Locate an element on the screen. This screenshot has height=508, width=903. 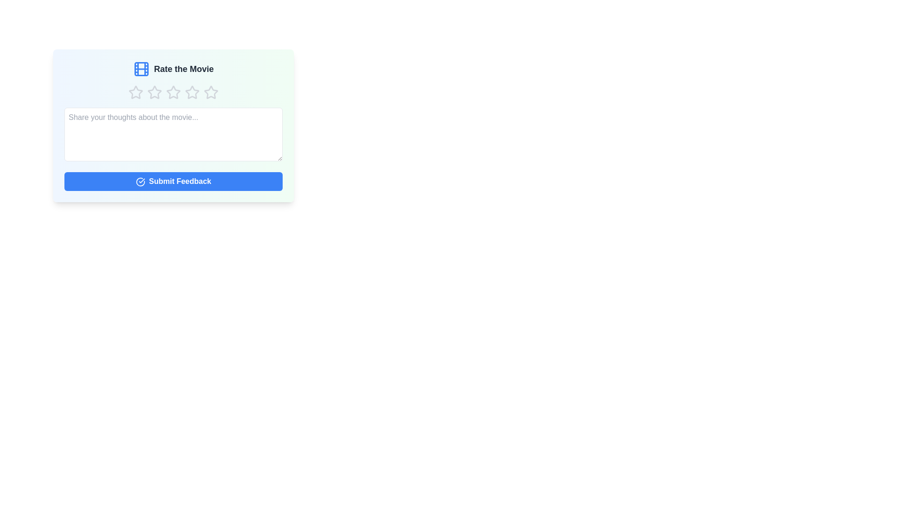
the star corresponding to the rating 3 is located at coordinates (174, 92).